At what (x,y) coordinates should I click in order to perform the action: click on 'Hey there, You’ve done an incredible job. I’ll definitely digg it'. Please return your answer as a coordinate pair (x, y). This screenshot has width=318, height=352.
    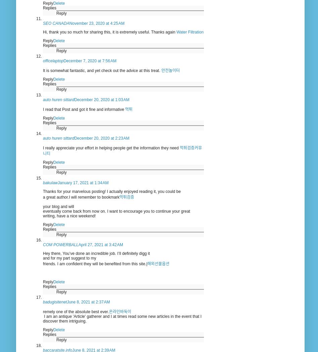
    Looking at the image, I should click on (42, 254).